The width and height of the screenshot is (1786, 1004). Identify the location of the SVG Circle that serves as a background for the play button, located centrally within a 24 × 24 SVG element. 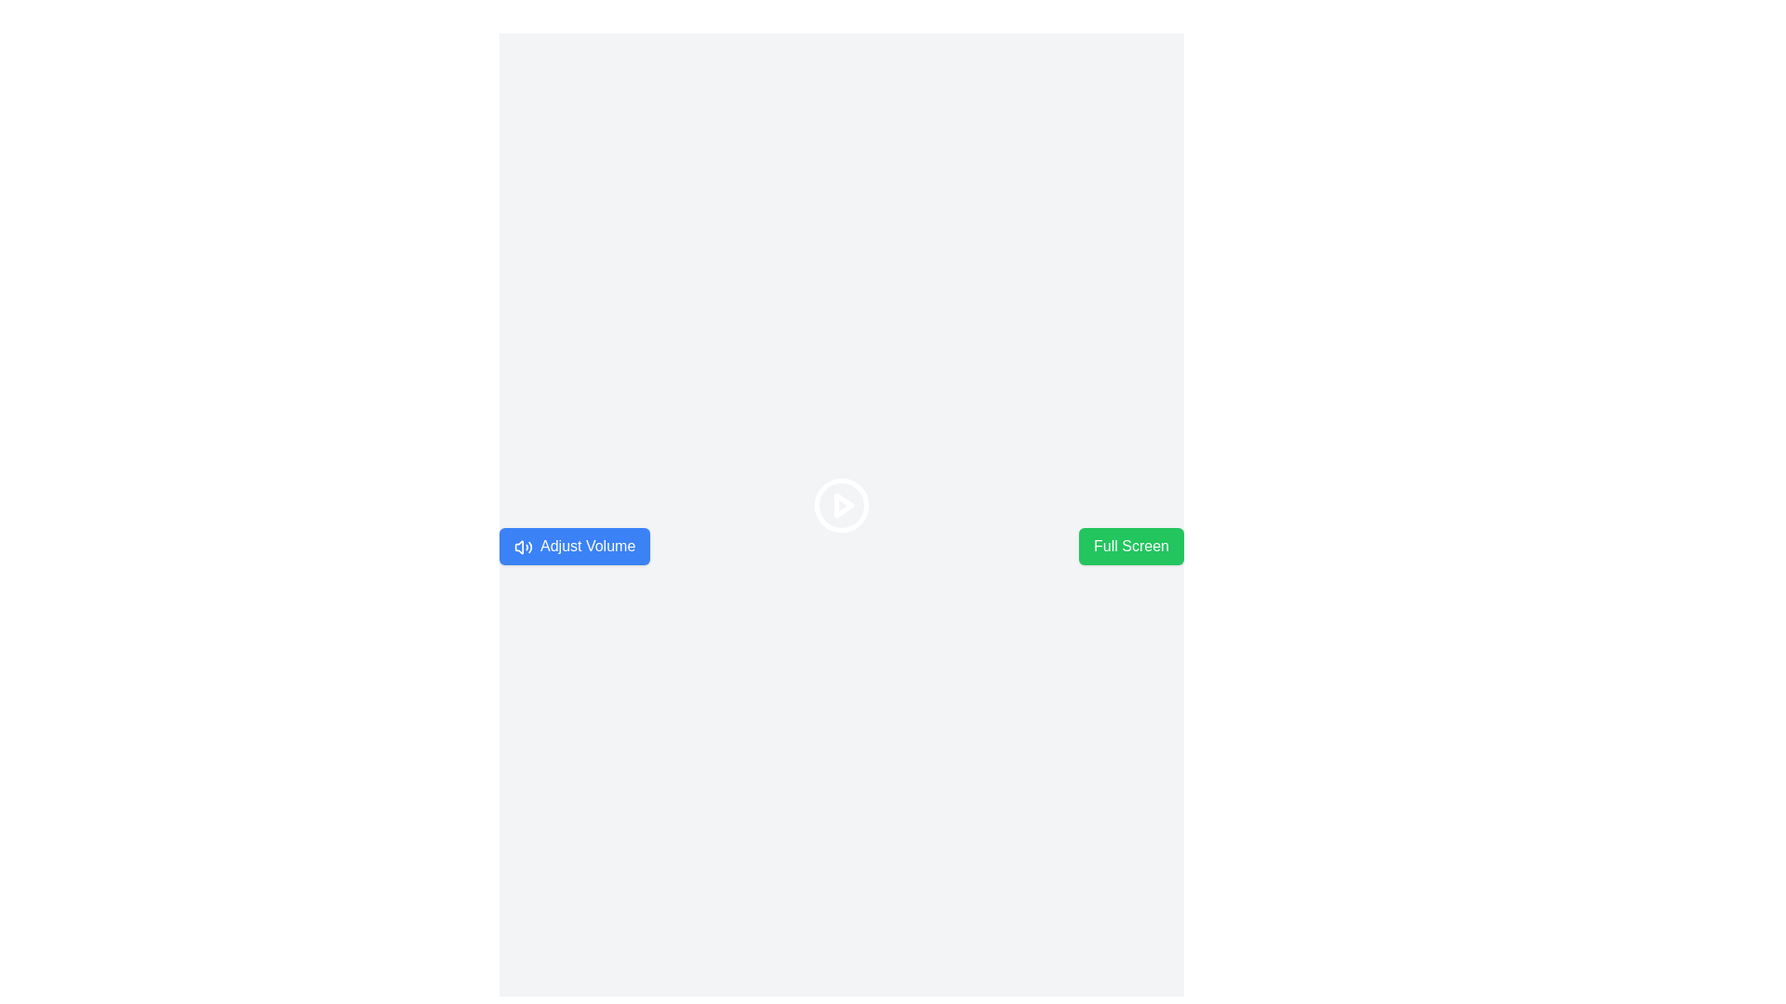
(841, 505).